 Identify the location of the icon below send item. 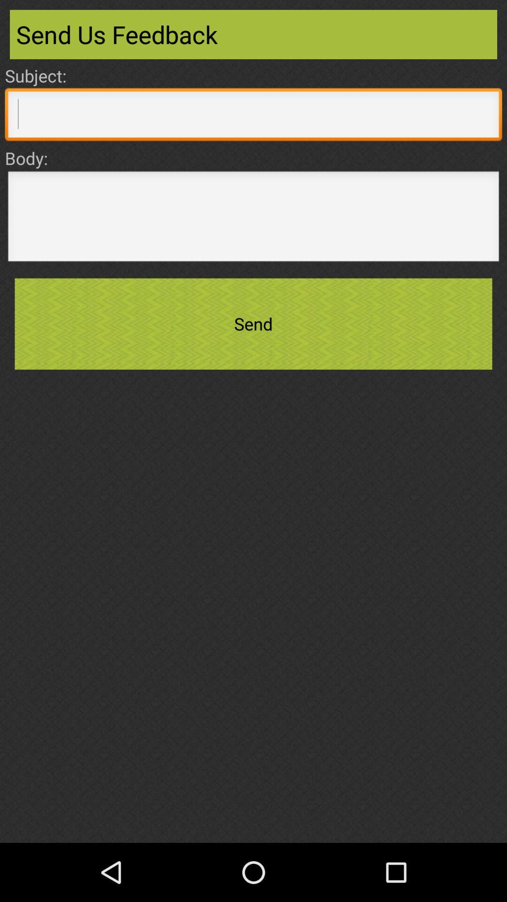
(253, 811).